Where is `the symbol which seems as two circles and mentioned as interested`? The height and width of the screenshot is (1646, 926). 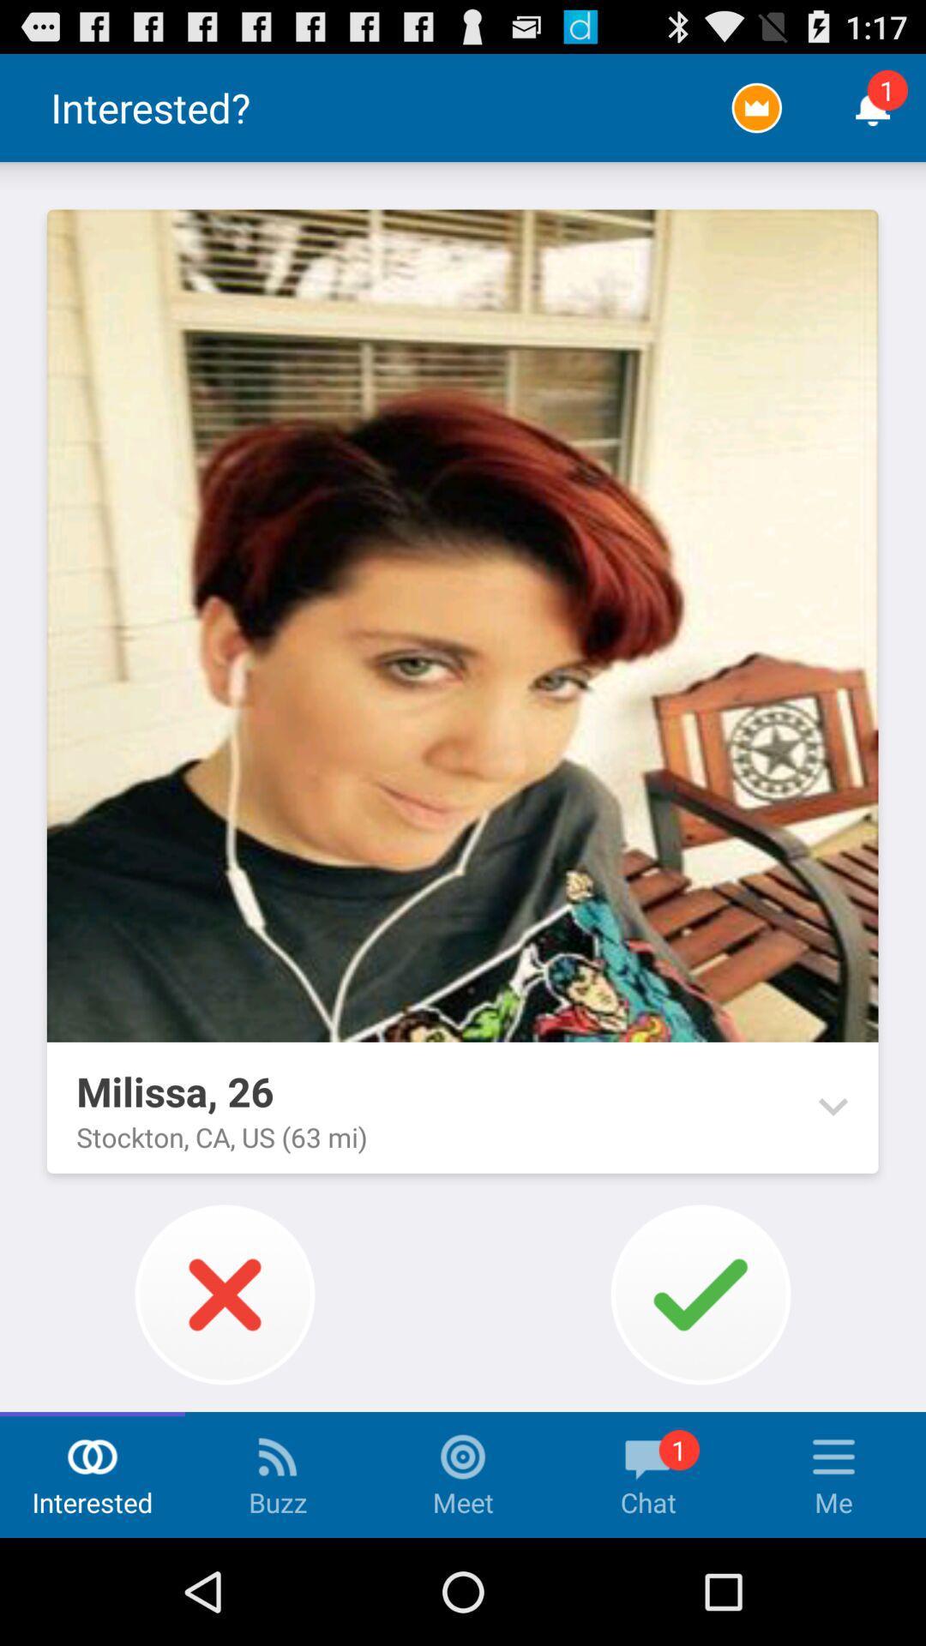 the symbol which seems as two circles and mentioned as interested is located at coordinates (93, 1456).